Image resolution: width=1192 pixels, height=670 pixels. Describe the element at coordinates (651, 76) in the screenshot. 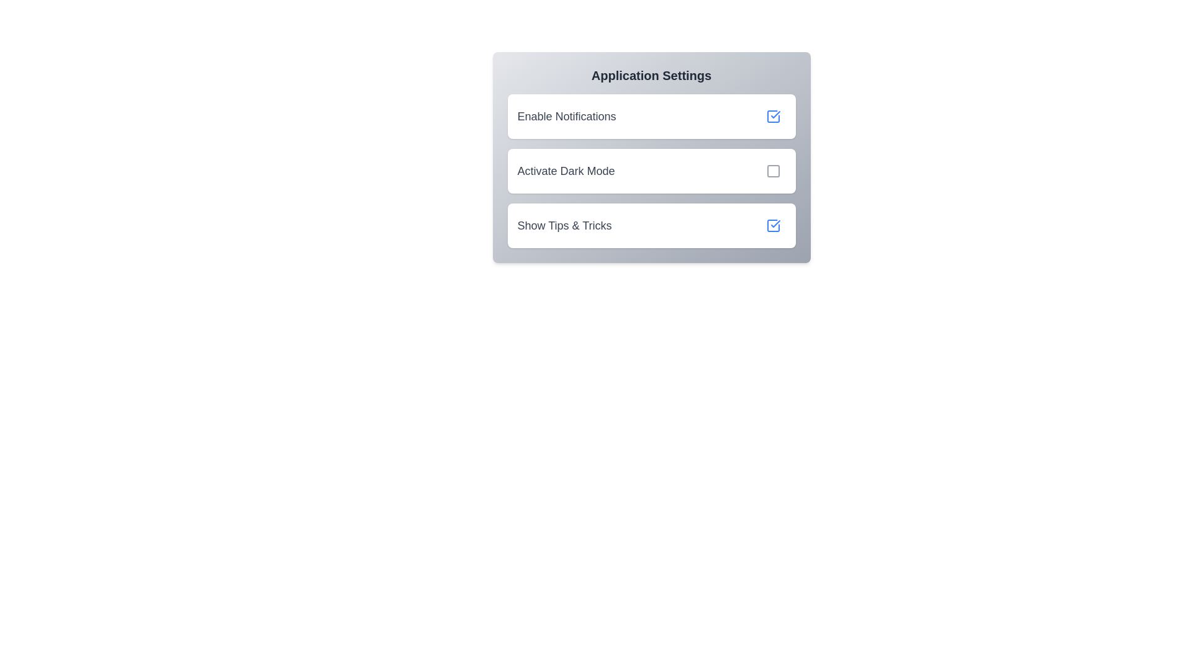

I see `the header text 'Application Settings'` at that location.